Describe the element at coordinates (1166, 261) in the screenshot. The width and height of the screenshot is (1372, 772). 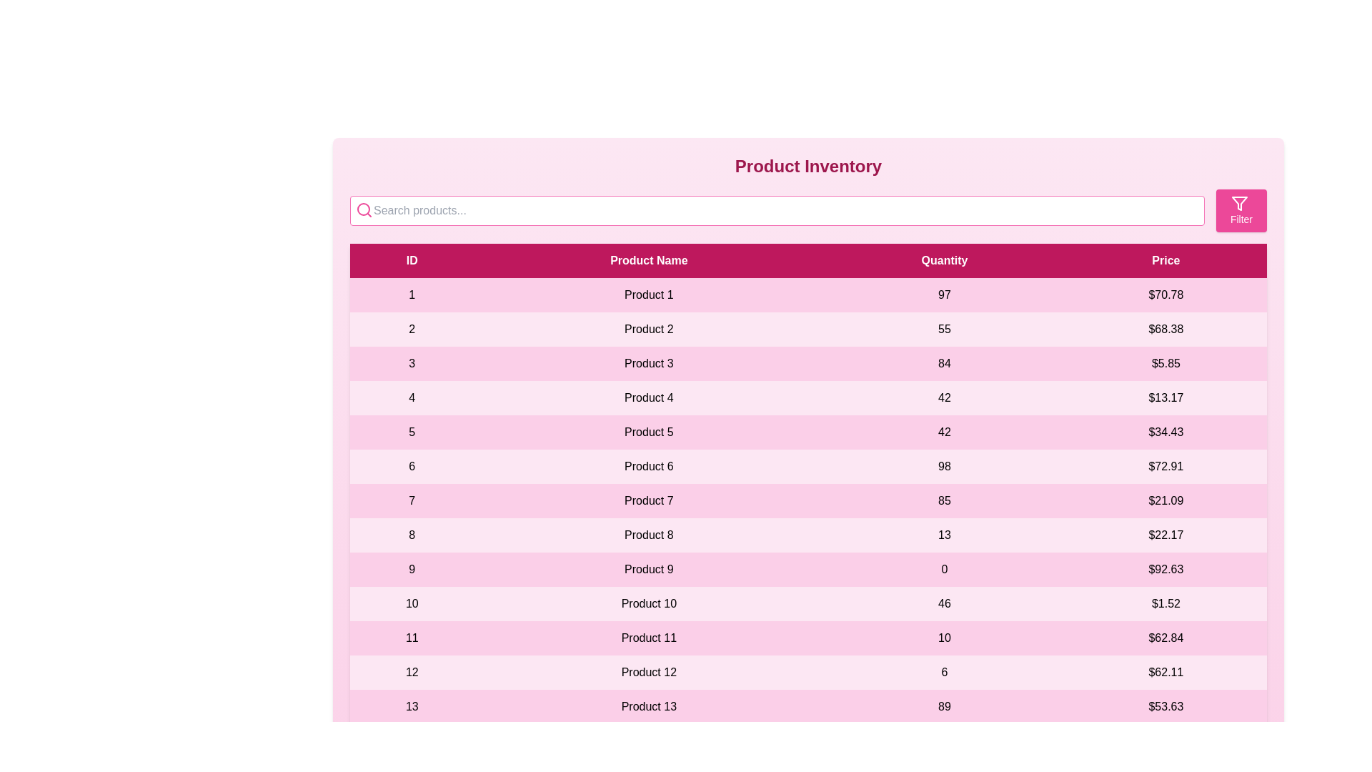
I see `the header of the Price column to sort the table by that column` at that location.